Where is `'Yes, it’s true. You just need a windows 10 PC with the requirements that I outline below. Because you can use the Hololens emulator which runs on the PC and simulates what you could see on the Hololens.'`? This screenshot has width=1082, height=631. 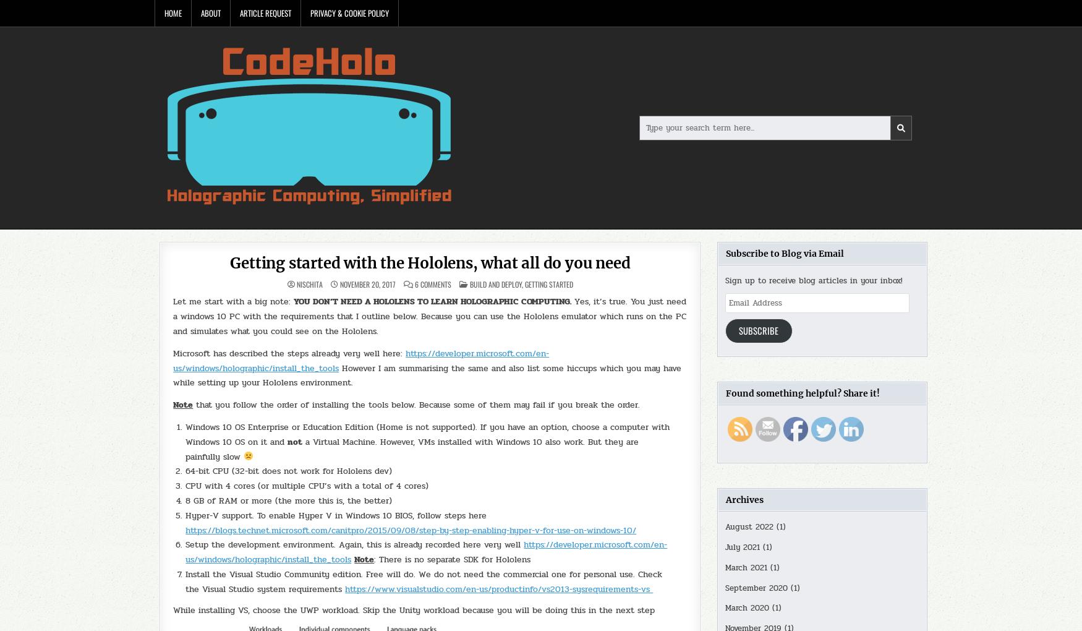 'Yes, it’s true. You just need a windows 10 PC with the requirements that I outline below. Because you can use the Hololens emulator which runs on the PC and simulates what you could see on the Hololens.' is located at coordinates (173, 315).